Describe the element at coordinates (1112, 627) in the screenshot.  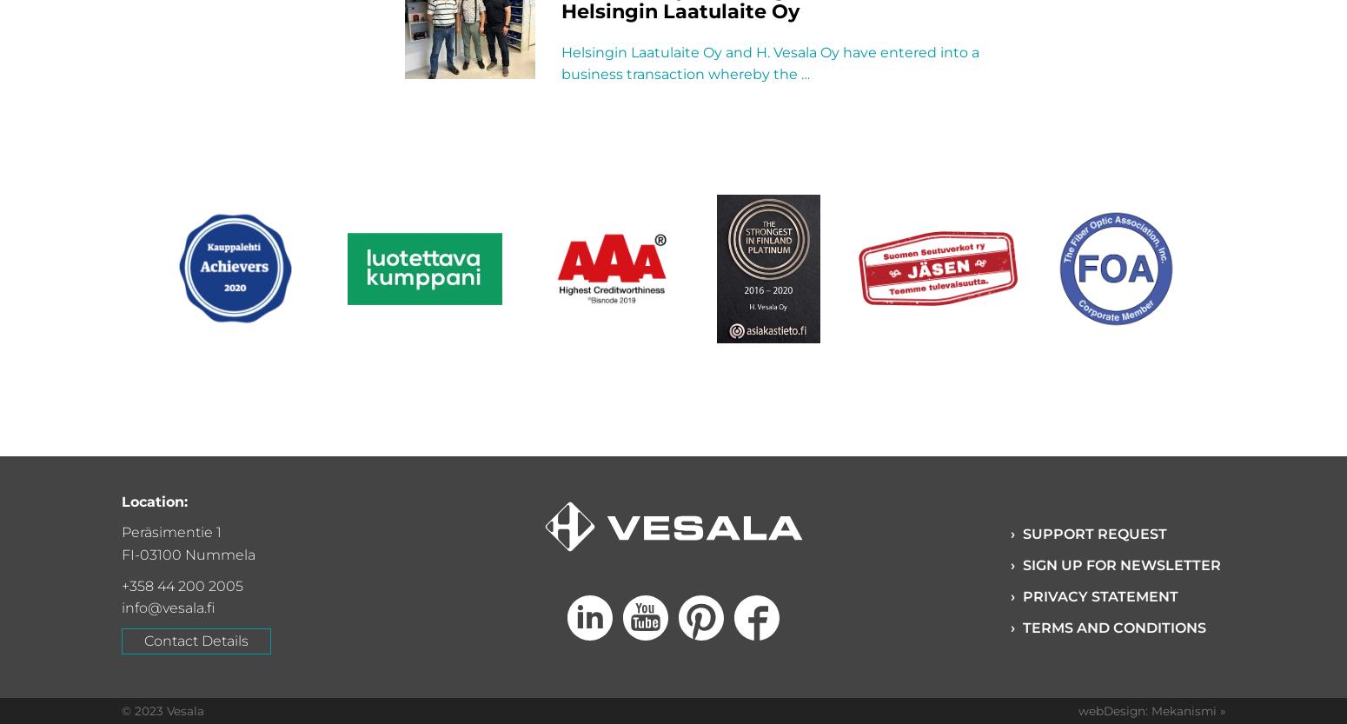
I see `'Terms and Conditions'` at that location.